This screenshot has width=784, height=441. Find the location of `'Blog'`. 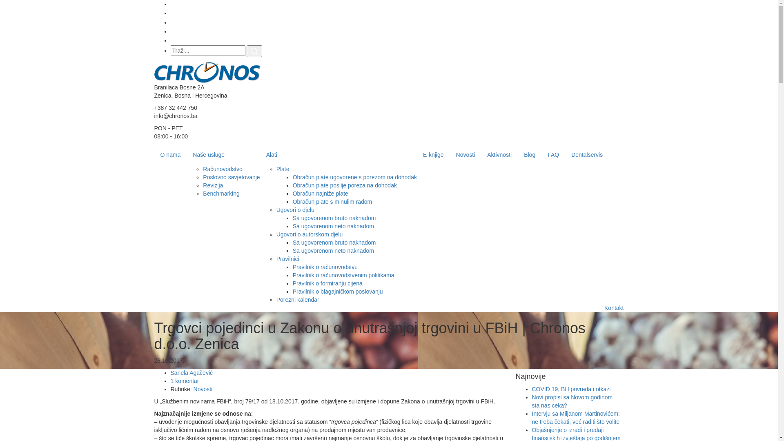

'Blog' is located at coordinates (529, 154).